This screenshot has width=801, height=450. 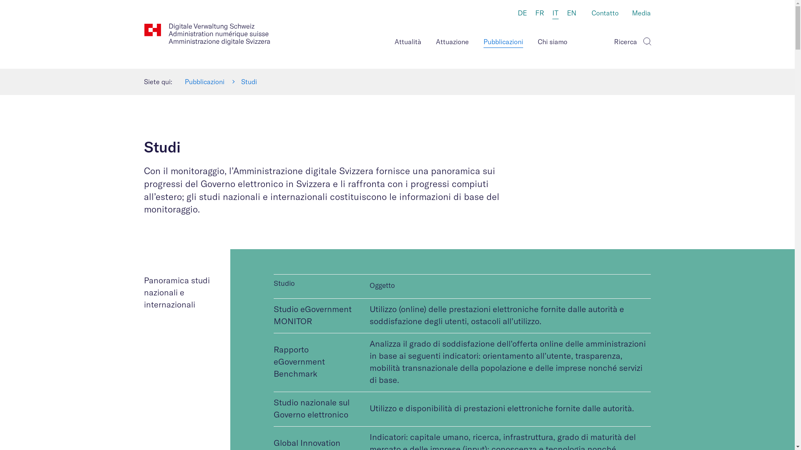 What do you see at coordinates (204, 82) in the screenshot?
I see `'Pubblicazioni'` at bounding box center [204, 82].